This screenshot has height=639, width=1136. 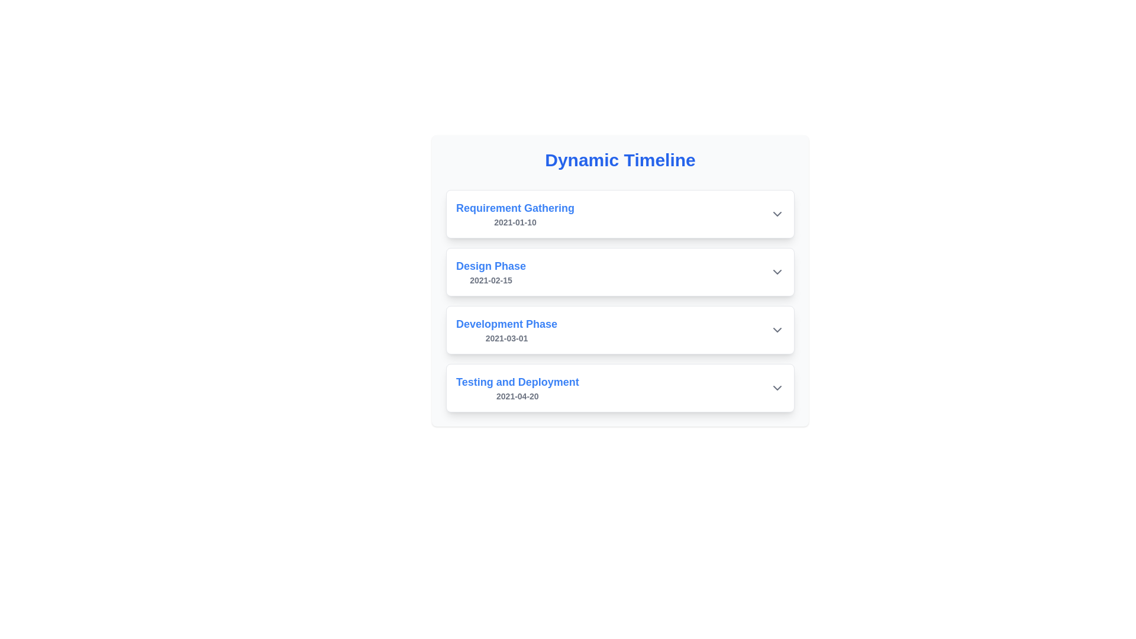 What do you see at coordinates (491, 272) in the screenshot?
I see `the 'Design Phase' text label, which indicates a specific phase in the timeline along with its date '2021-02-15', for understanding the timeline` at bounding box center [491, 272].